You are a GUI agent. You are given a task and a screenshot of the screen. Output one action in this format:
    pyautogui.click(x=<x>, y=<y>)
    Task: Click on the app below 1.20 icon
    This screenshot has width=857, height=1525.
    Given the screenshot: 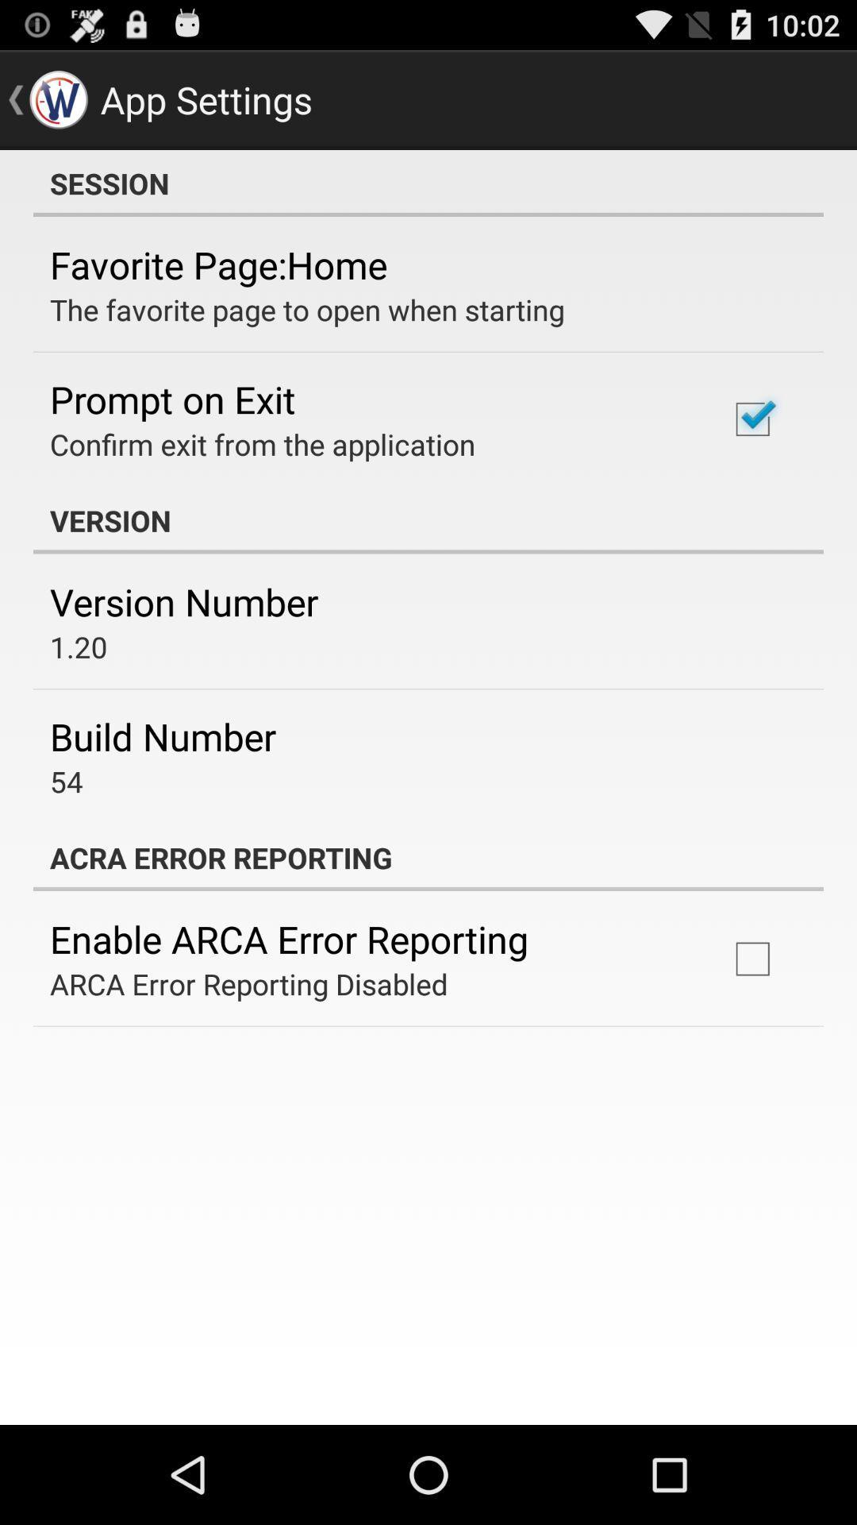 What is the action you would take?
    pyautogui.click(x=163, y=735)
    